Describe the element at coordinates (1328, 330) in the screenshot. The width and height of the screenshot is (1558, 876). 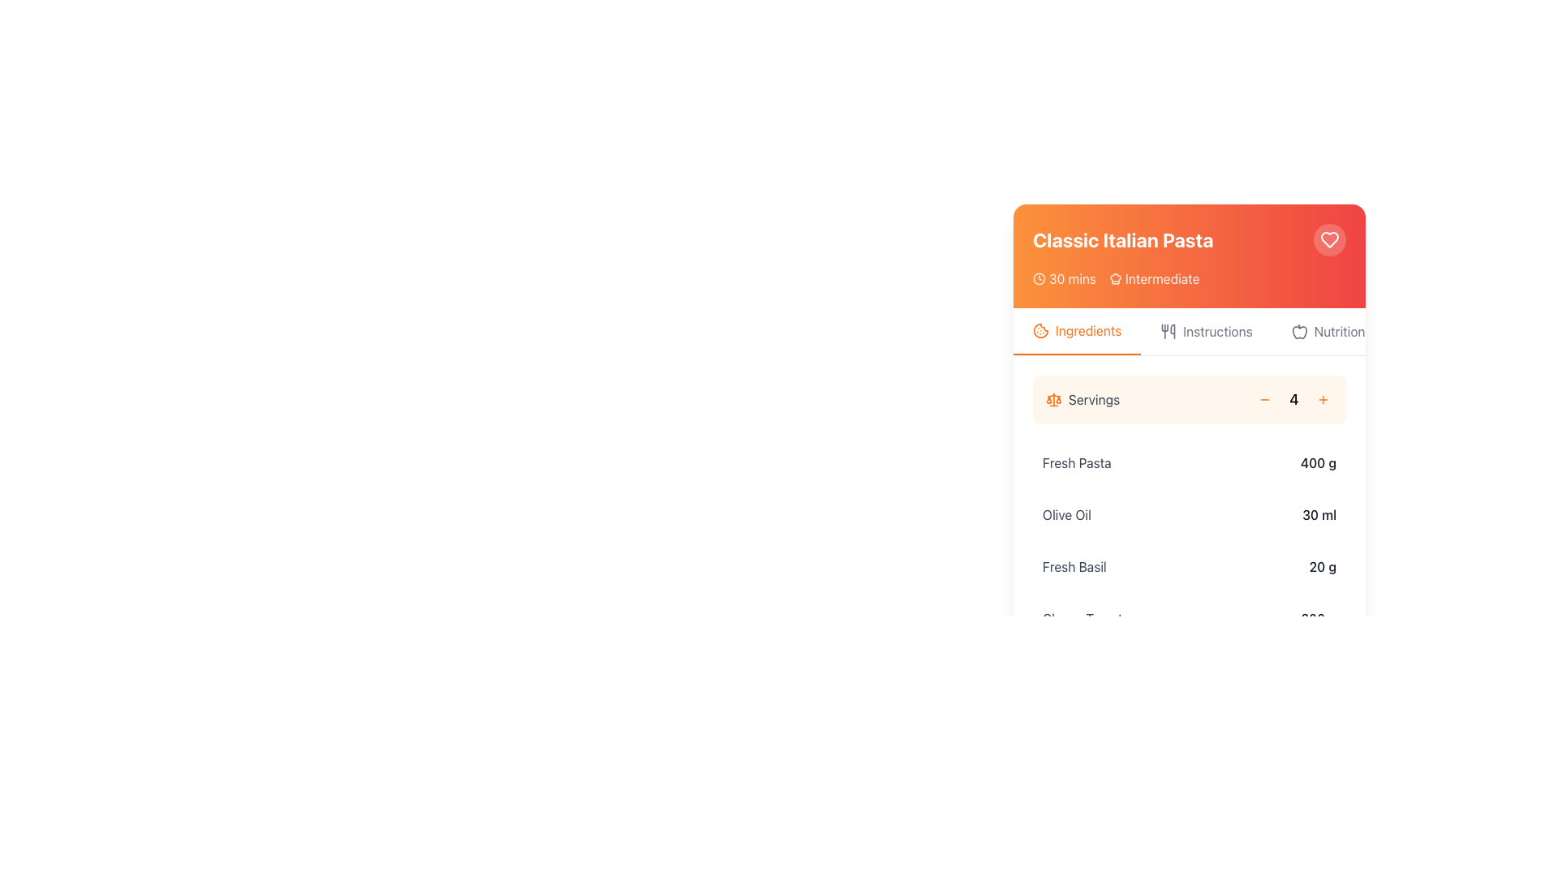
I see `the 'Nutrition' button located on the far right of the navigation bar` at that location.